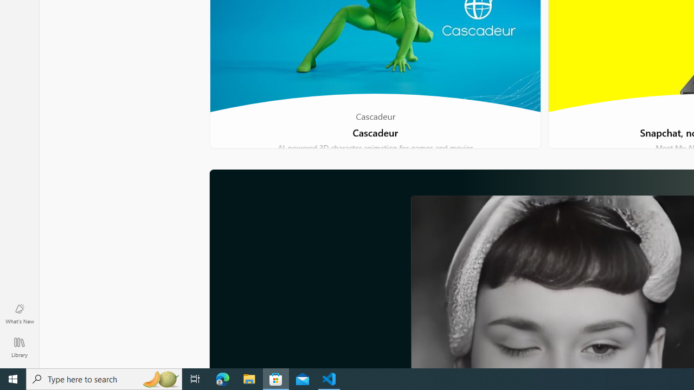 The height and width of the screenshot is (390, 694). I want to click on 'What', so click(19, 313).